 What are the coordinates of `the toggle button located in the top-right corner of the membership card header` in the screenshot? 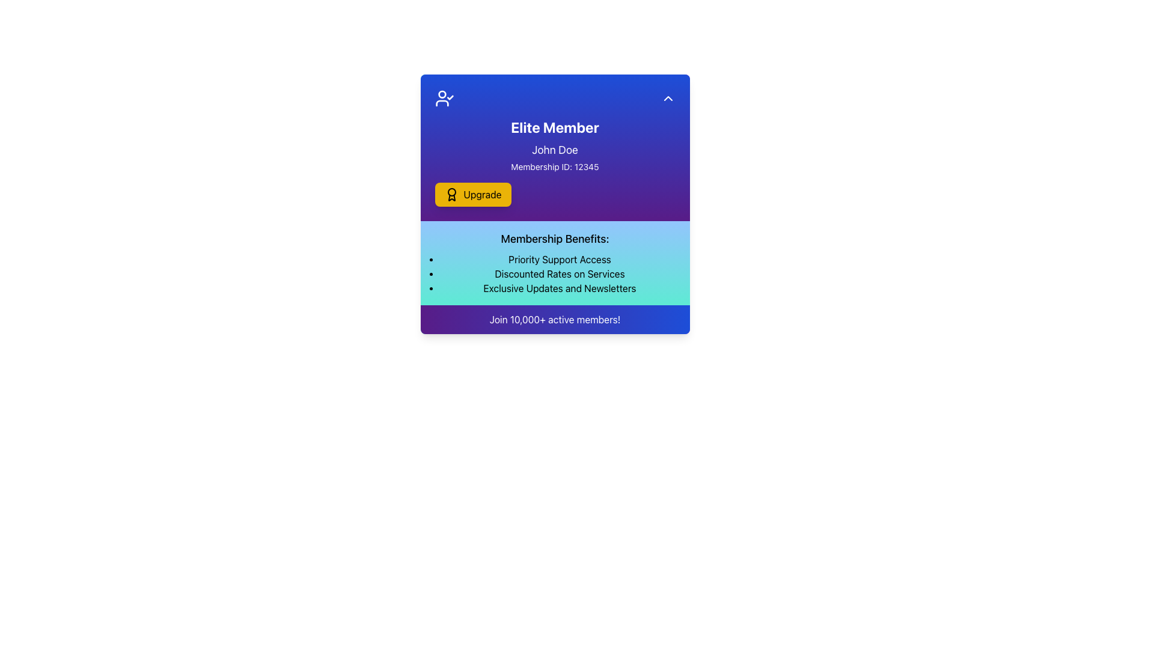 It's located at (667, 98).